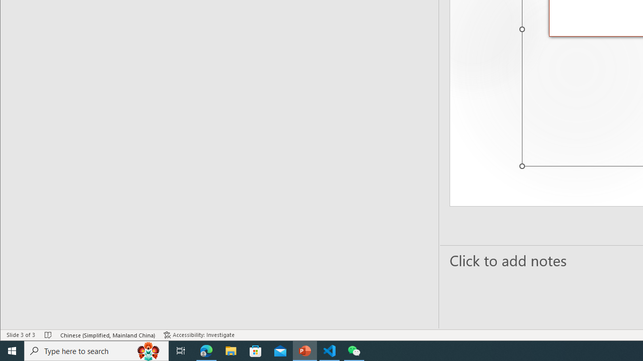 The width and height of the screenshot is (643, 361). What do you see at coordinates (148, 350) in the screenshot?
I see `'Search highlights icon opens search home window'` at bounding box center [148, 350].